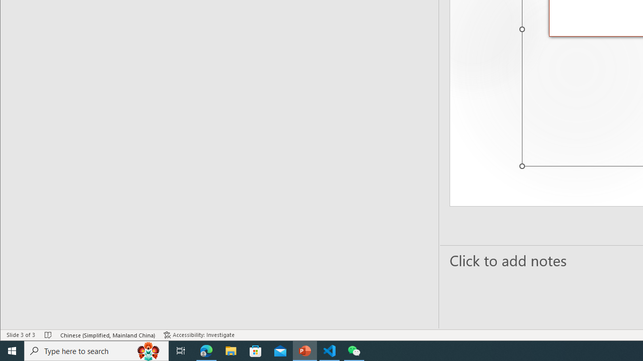 The width and height of the screenshot is (643, 361). What do you see at coordinates (148, 350) in the screenshot?
I see `'Search highlights icon opens search home window'` at bounding box center [148, 350].